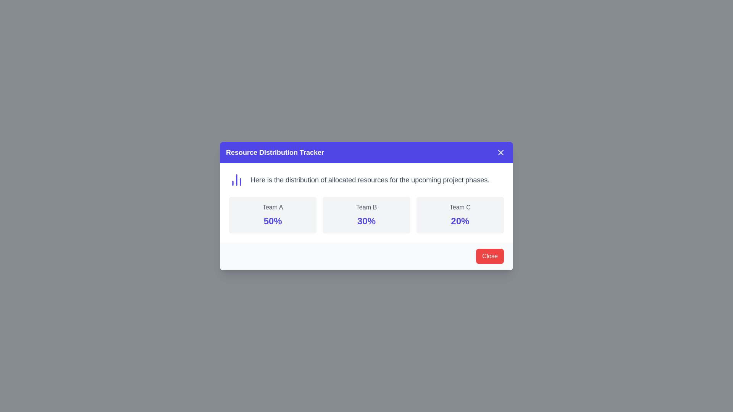 The width and height of the screenshot is (733, 412). Describe the element at coordinates (490, 256) in the screenshot. I see `the 'Close' button with a sharp red background and white text located in the bottom-right area of the dialog box` at that location.